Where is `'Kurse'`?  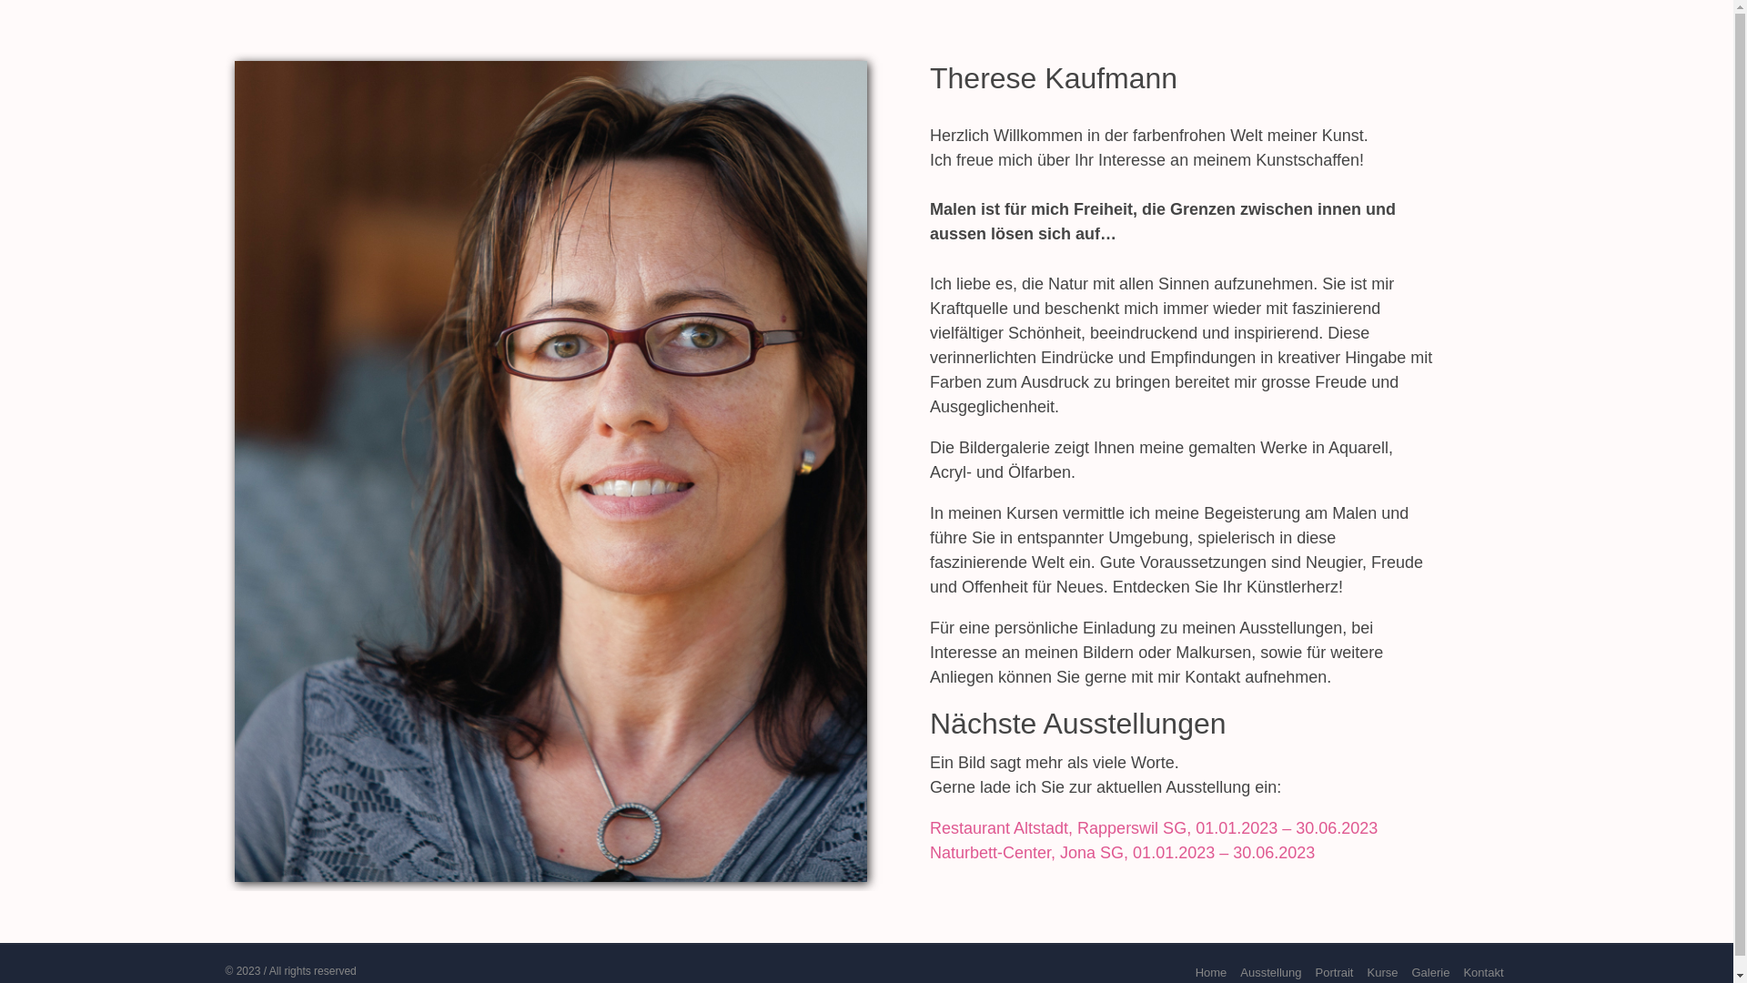
'Kurse' is located at coordinates (1367, 971).